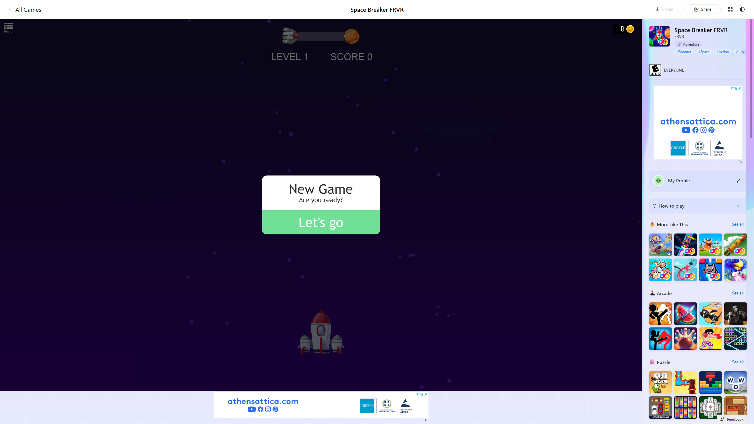 Image resolution: width=754 pixels, height=424 pixels. What do you see at coordinates (664, 9) in the screenshot?
I see `'Install'` at bounding box center [664, 9].